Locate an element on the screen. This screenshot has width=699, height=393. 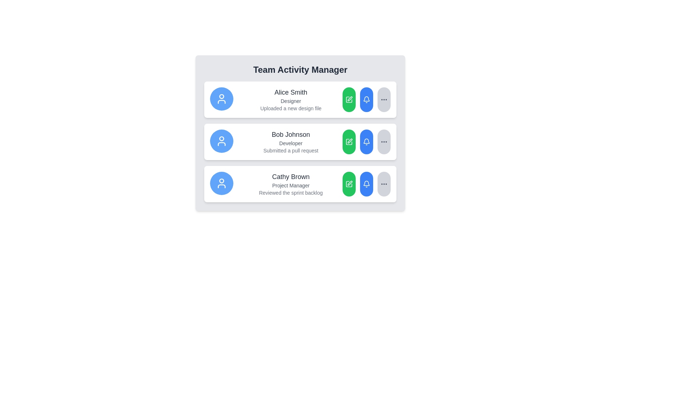
the (more options) icon, which consists of three small circular dots arranged horizontally, located at the far right side of the second row in the user activity display is located at coordinates (384, 99).